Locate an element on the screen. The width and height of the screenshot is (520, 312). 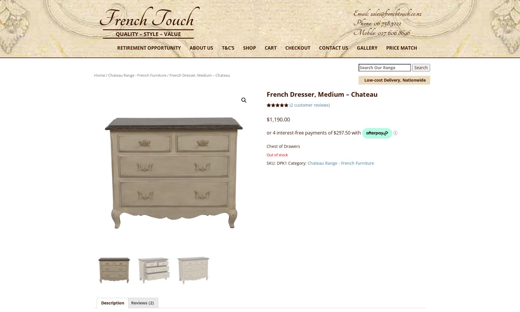
'DPK1' is located at coordinates (282, 163).